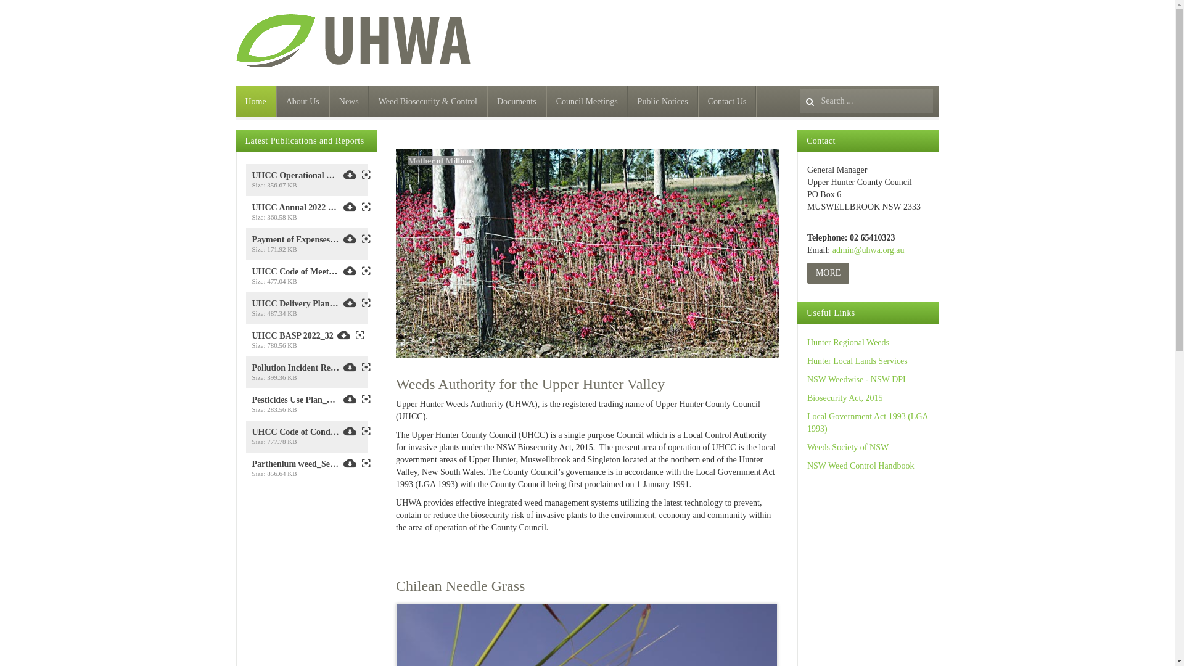 The width and height of the screenshot is (1184, 666). Describe the element at coordinates (866, 422) in the screenshot. I see `'Local Government Act 1993 (LGA 1993)'` at that location.